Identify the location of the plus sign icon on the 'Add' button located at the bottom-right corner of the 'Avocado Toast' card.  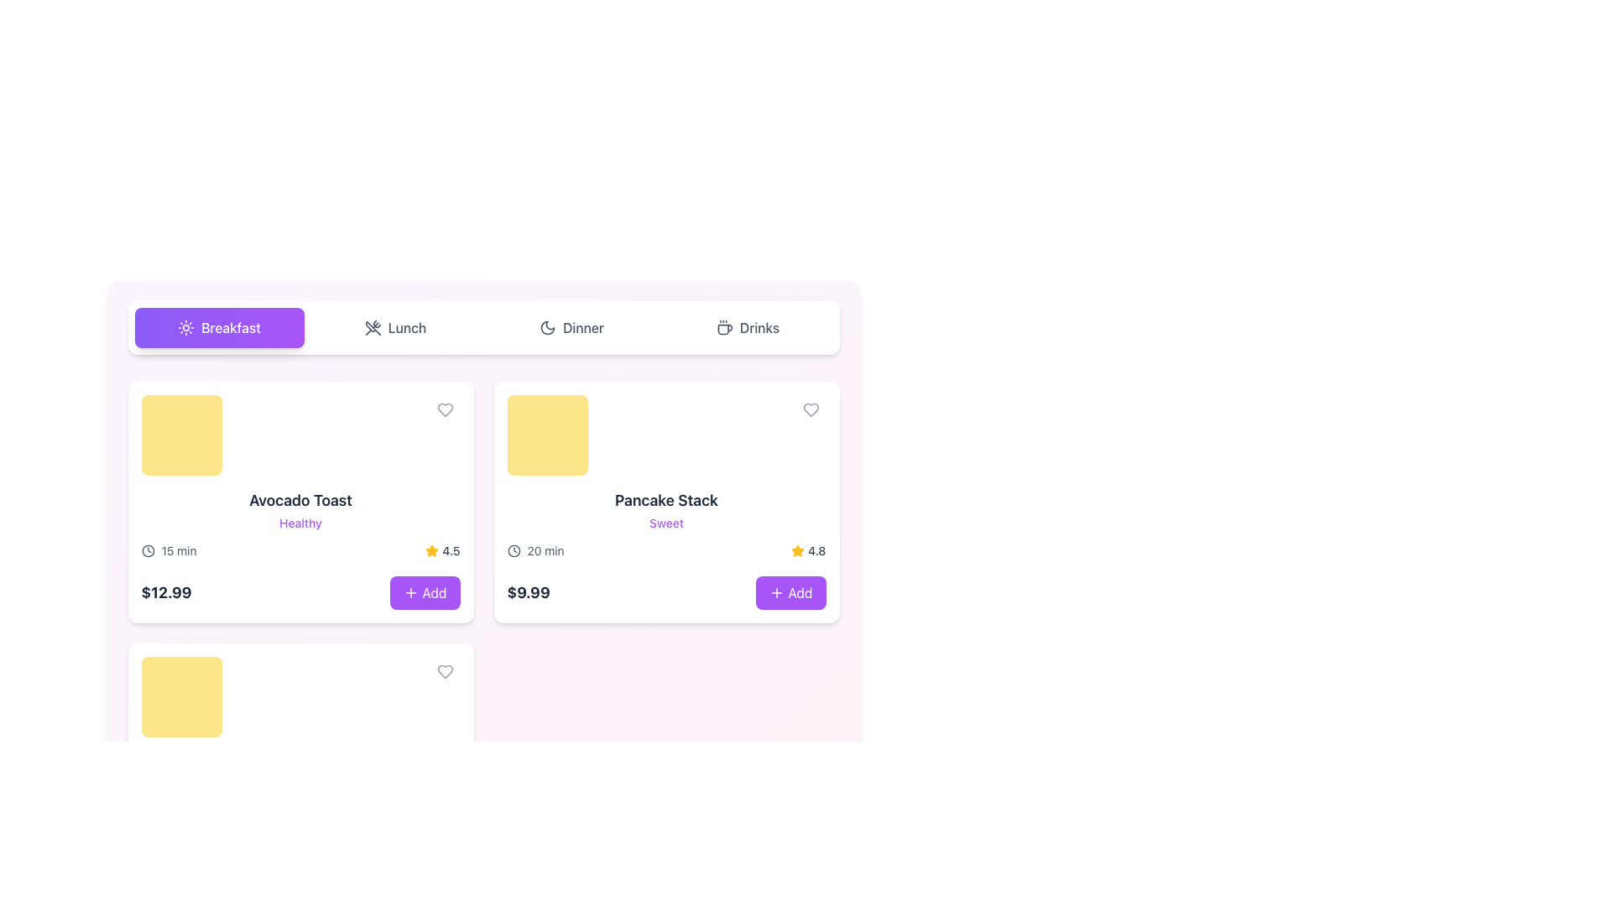
(411, 591).